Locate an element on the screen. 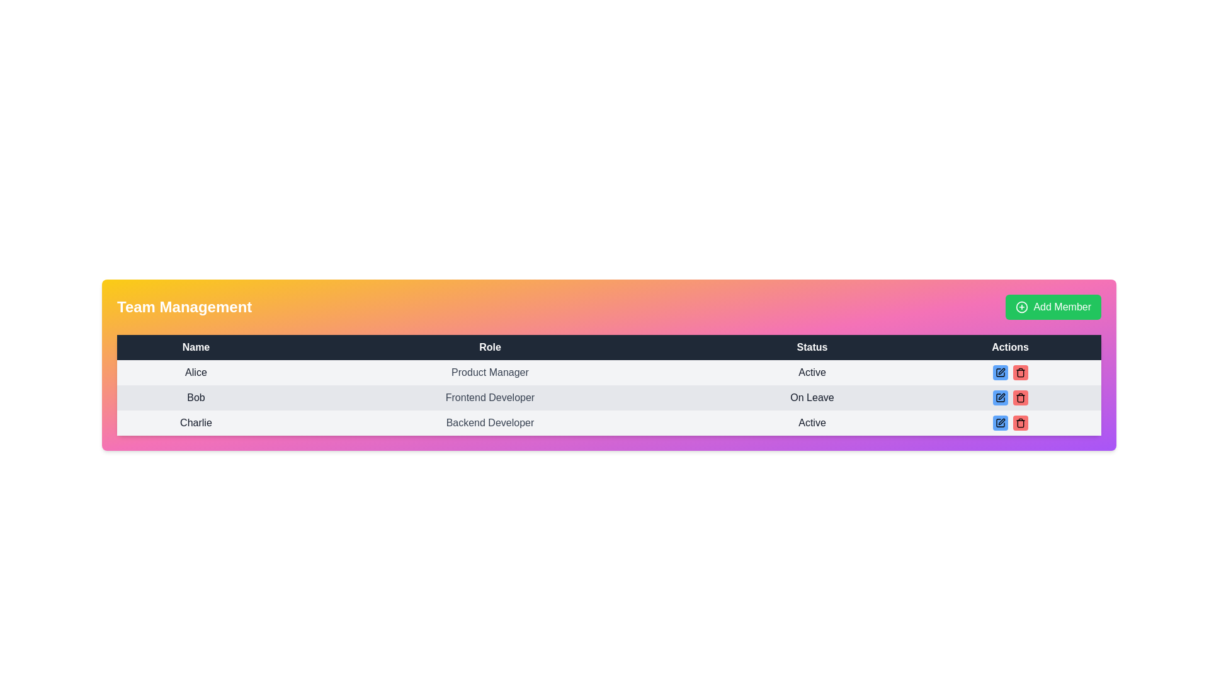  the pen icon button located is located at coordinates (999, 371).